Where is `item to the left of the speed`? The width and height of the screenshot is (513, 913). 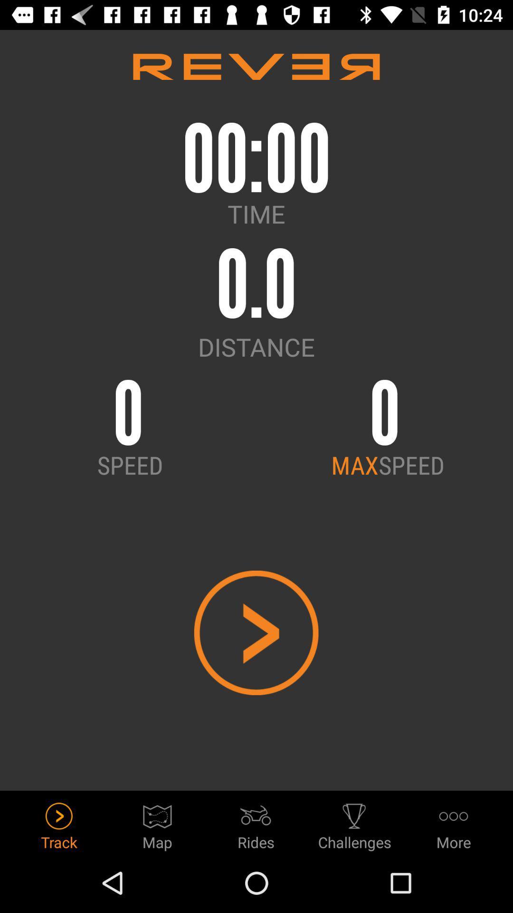 item to the left of the speed is located at coordinates (355, 465).